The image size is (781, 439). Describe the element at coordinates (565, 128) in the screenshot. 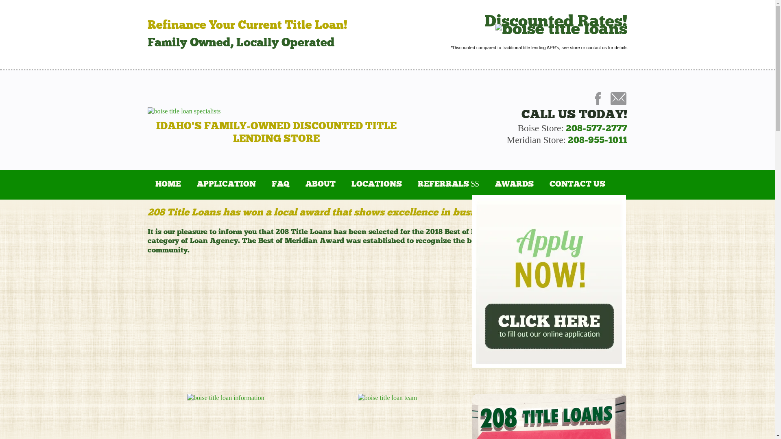

I see `'208-577-2777'` at that location.